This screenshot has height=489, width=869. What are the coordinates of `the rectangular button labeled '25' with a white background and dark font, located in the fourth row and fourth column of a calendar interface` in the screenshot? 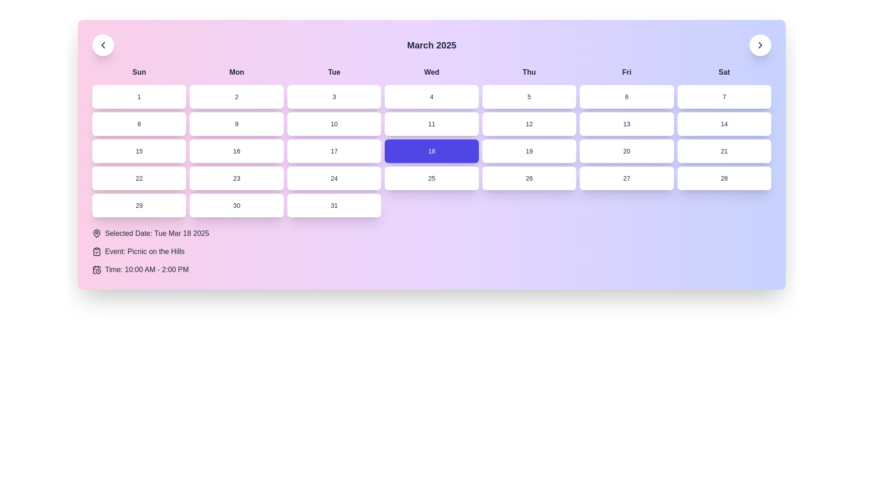 It's located at (431, 178).